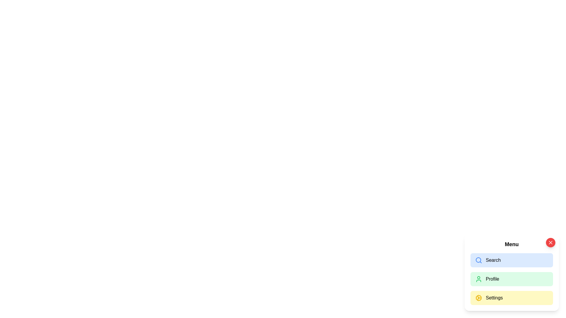 This screenshot has width=566, height=318. I want to click on the cogwheel icon located at the bottom of the vertical menu stack within the yellow 'Settings' button, so click(478, 298).